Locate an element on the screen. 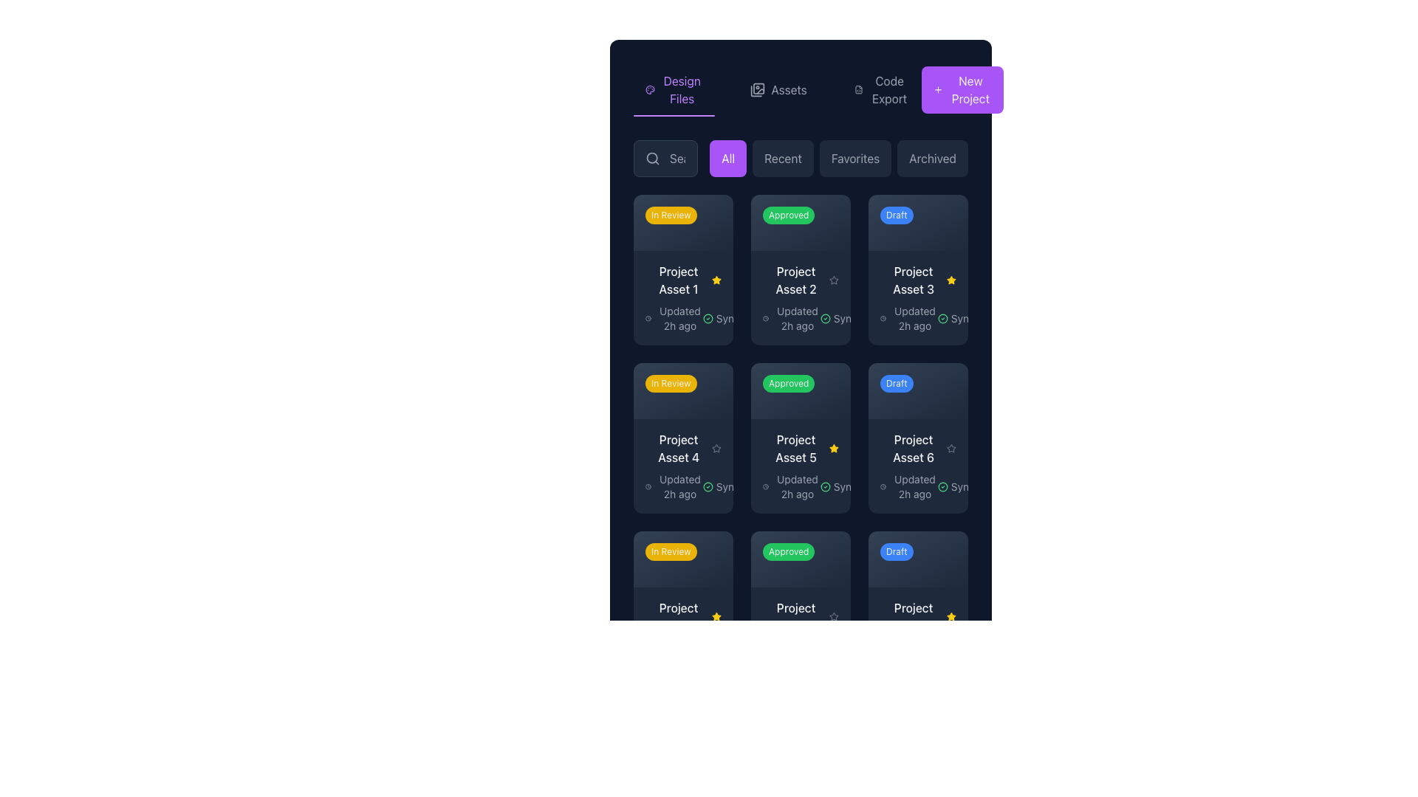 The height and width of the screenshot is (797, 1418). the small rectangular '+' icon located in the top-right corner of the purple 'New Project' button is located at coordinates (937, 90).